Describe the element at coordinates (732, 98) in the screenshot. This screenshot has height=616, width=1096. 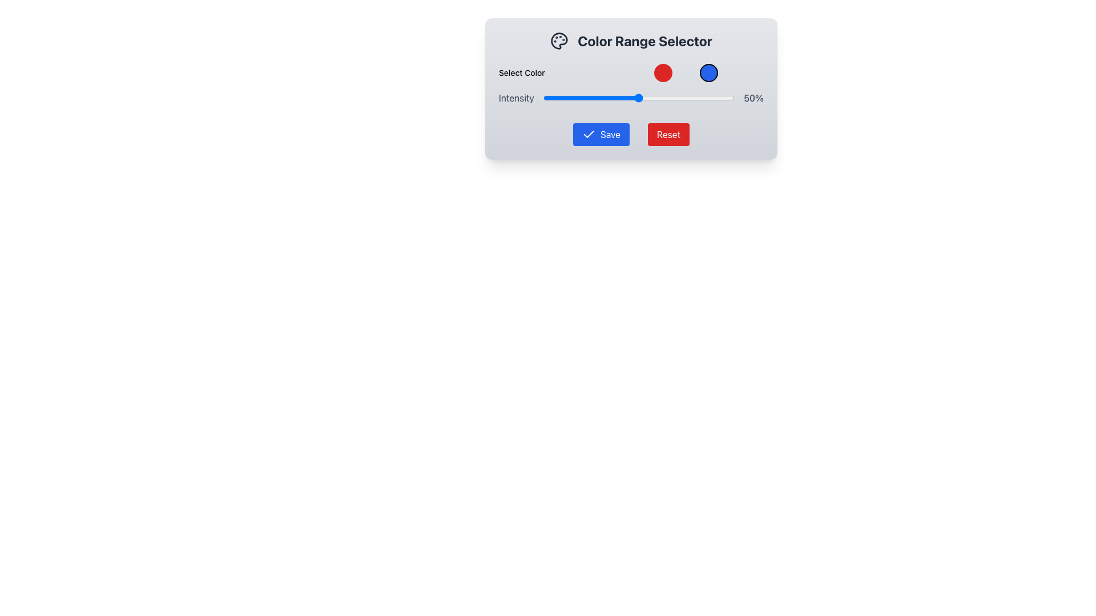
I see `intensity` at that location.